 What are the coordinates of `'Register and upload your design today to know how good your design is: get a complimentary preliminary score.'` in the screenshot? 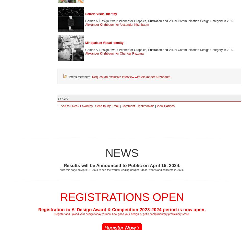 It's located at (54, 213).